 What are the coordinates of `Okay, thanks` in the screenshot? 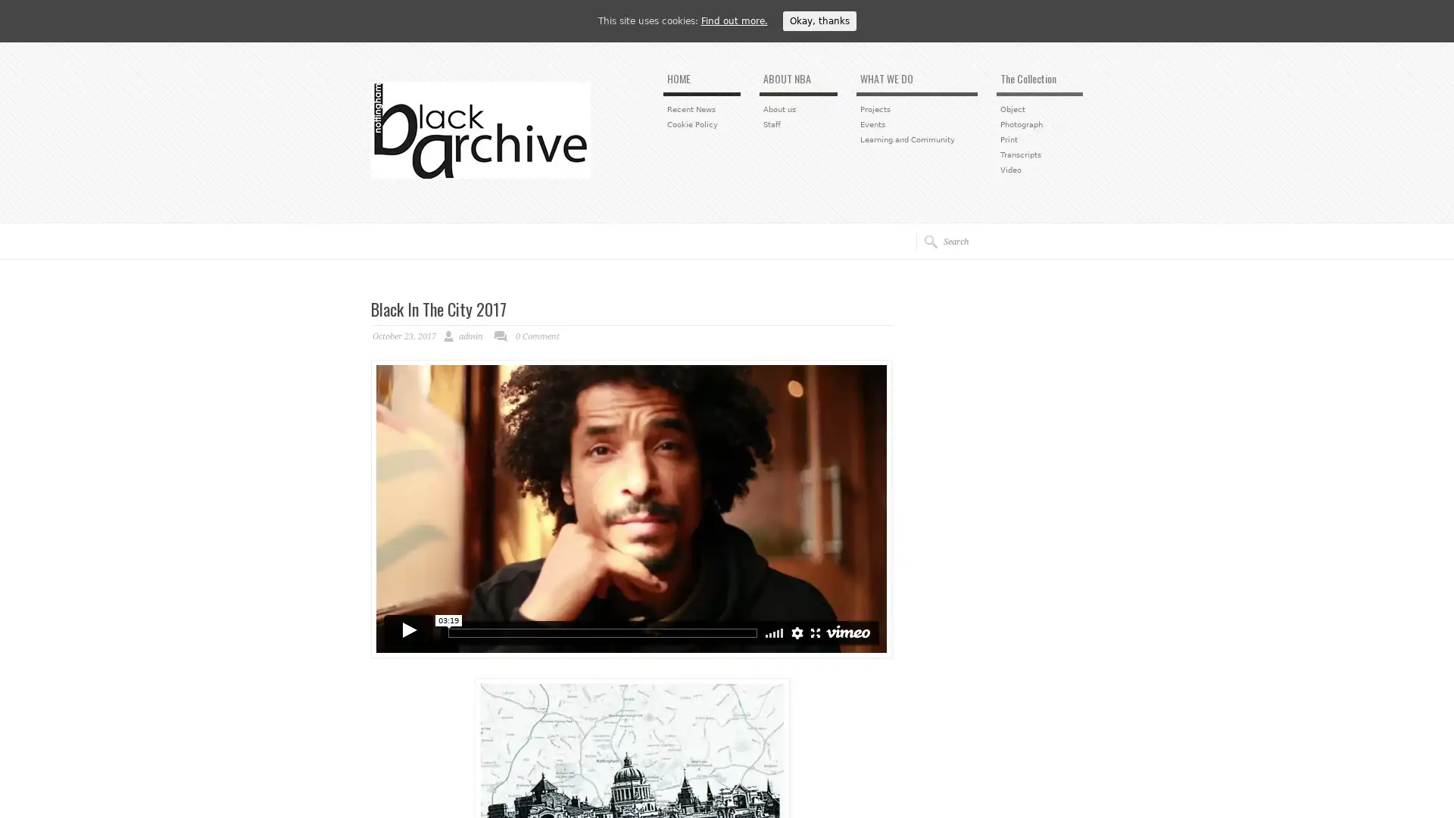 It's located at (818, 20).